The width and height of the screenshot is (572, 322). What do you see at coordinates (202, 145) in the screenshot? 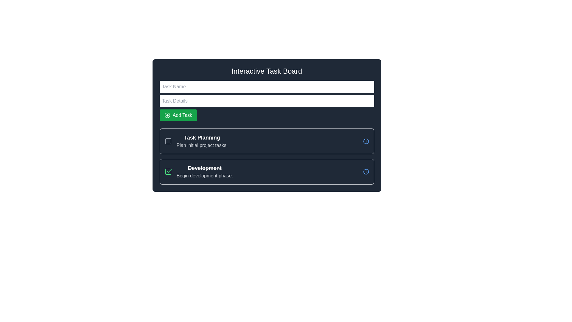
I see `the text label displaying 'Plan initial project tasks.' located under the 'Task Planning' heading in the first task card` at bounding box center [202, 145].